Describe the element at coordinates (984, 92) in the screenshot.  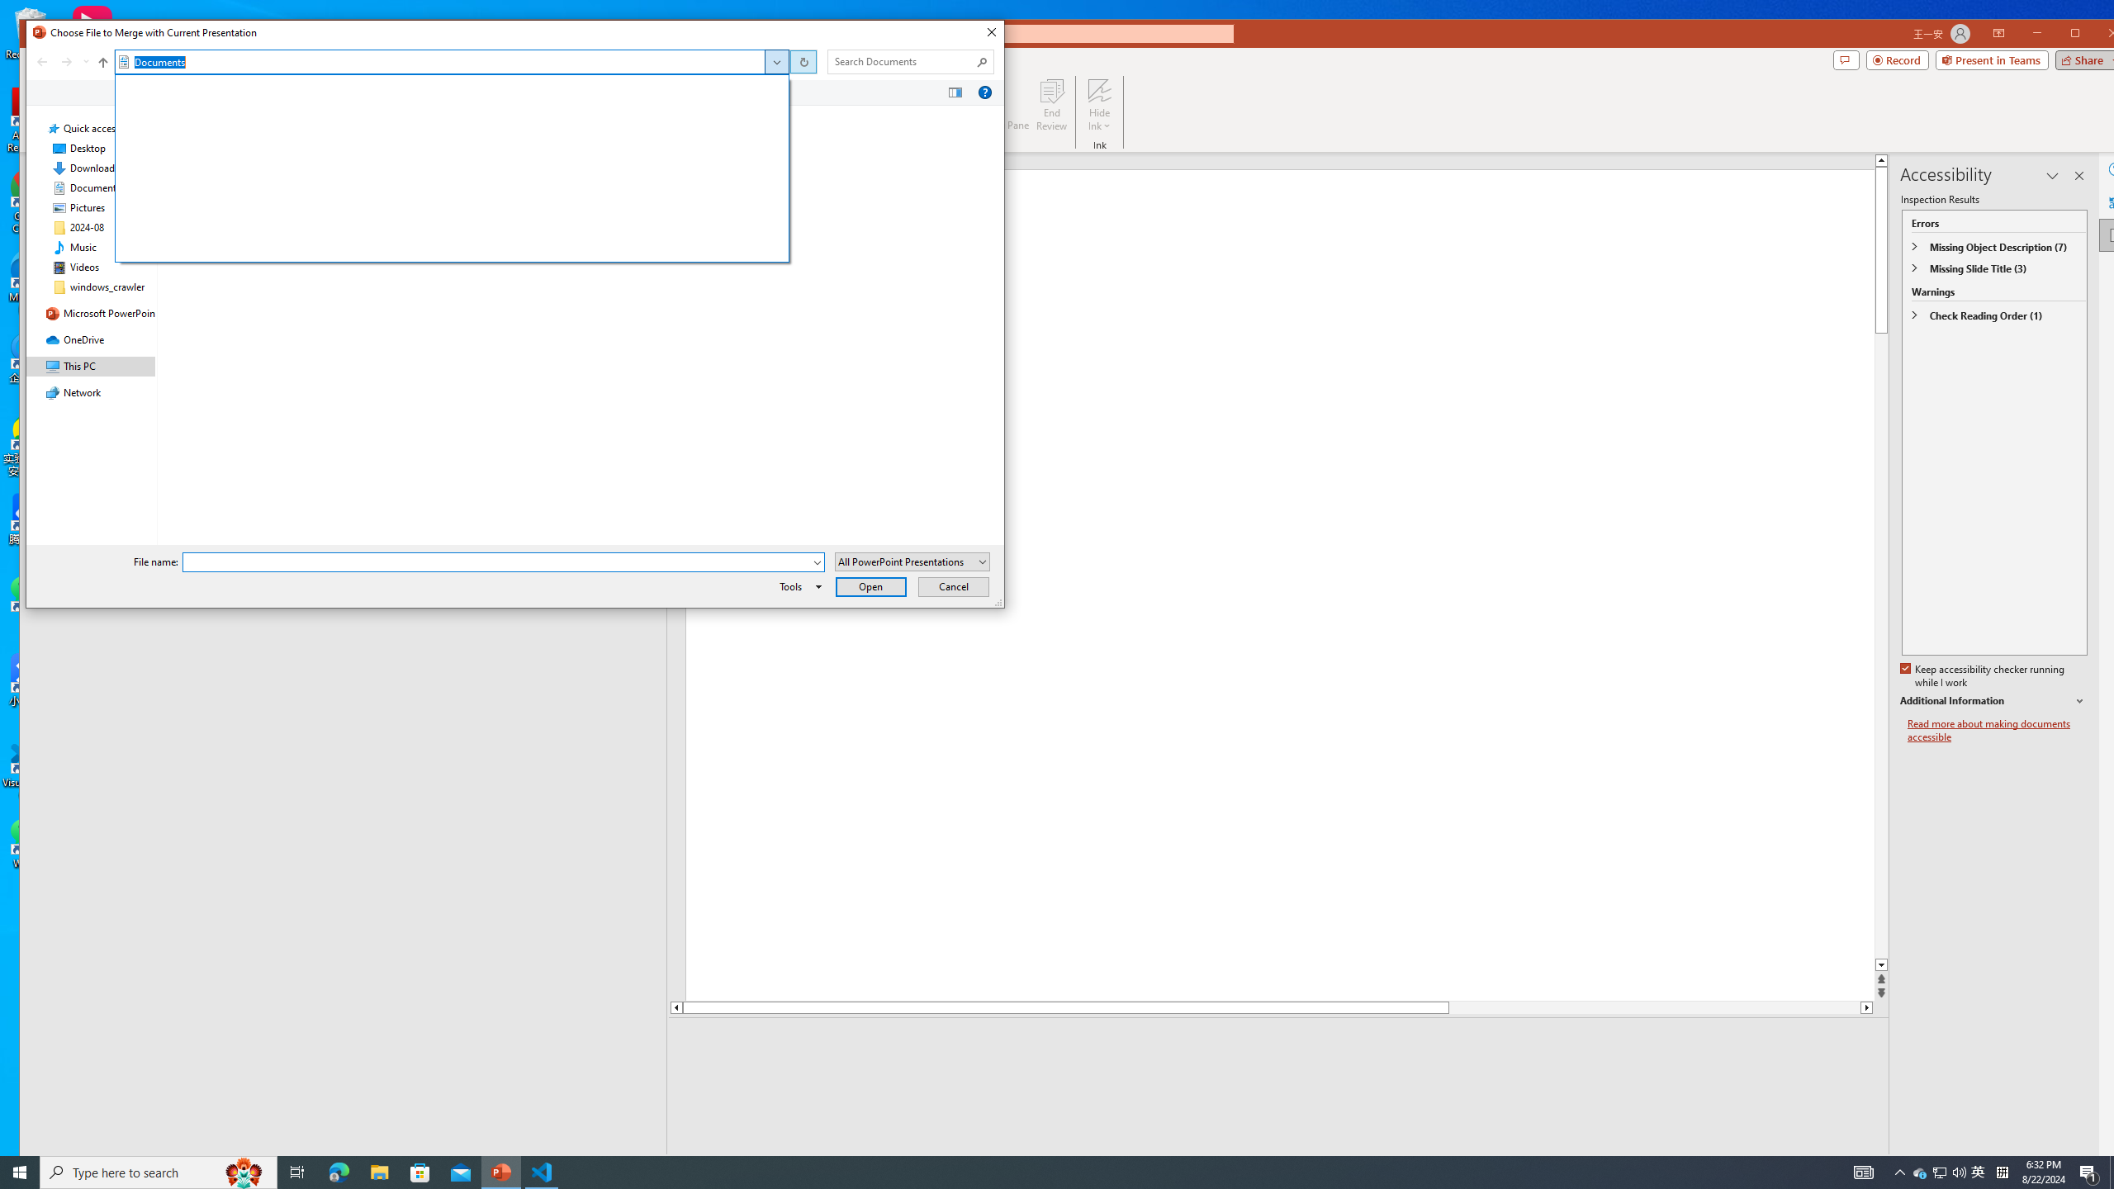
I see `'&Help'` at that location.